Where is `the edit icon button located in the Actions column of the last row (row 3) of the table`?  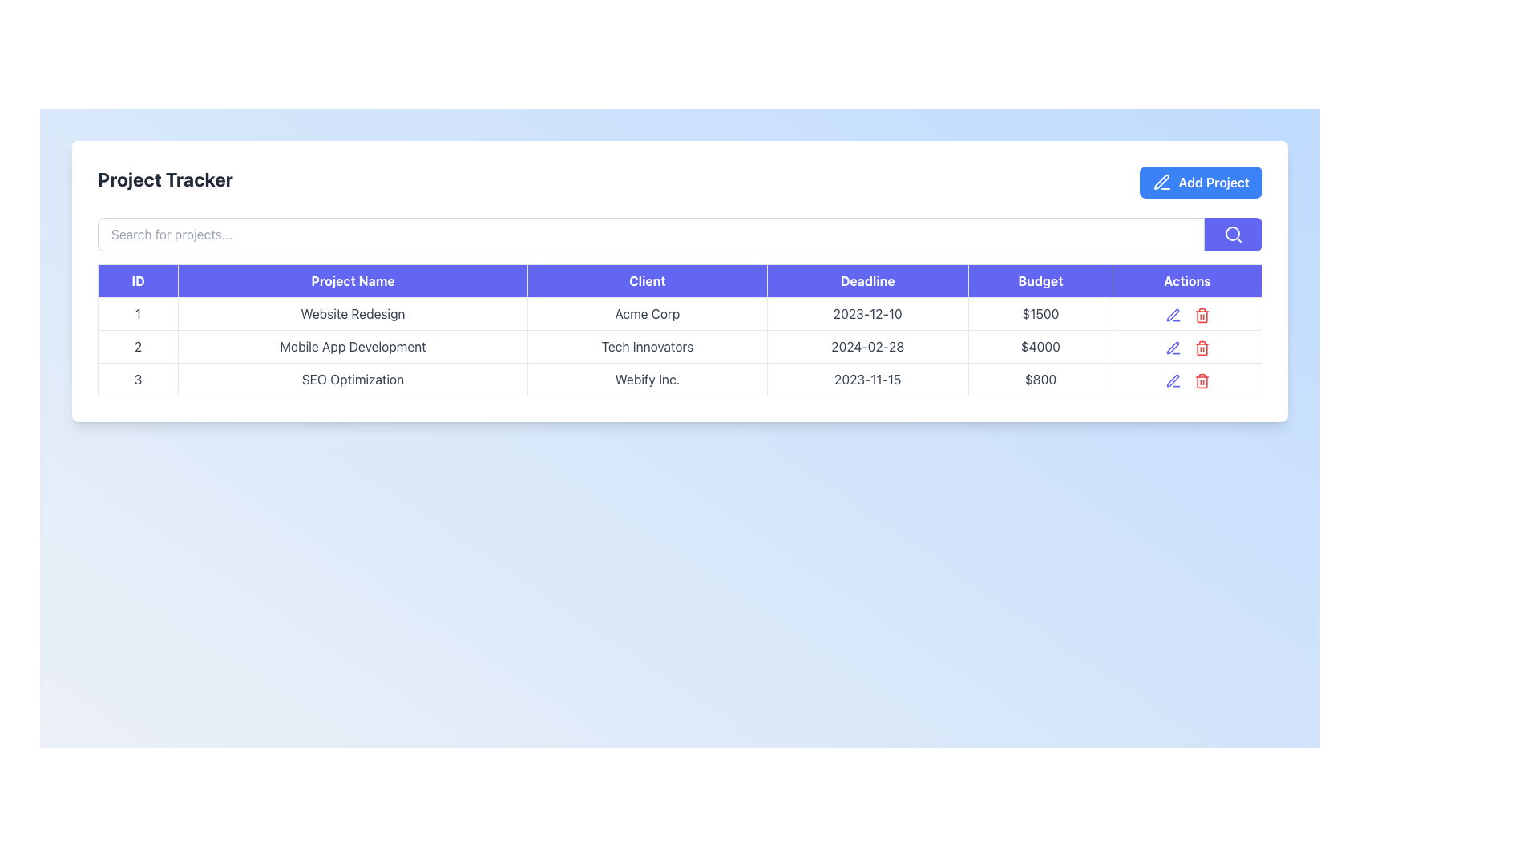 the edit icon button located in the Actions column of the last row (row 3) of the table is located at coordinates (1173, 380).